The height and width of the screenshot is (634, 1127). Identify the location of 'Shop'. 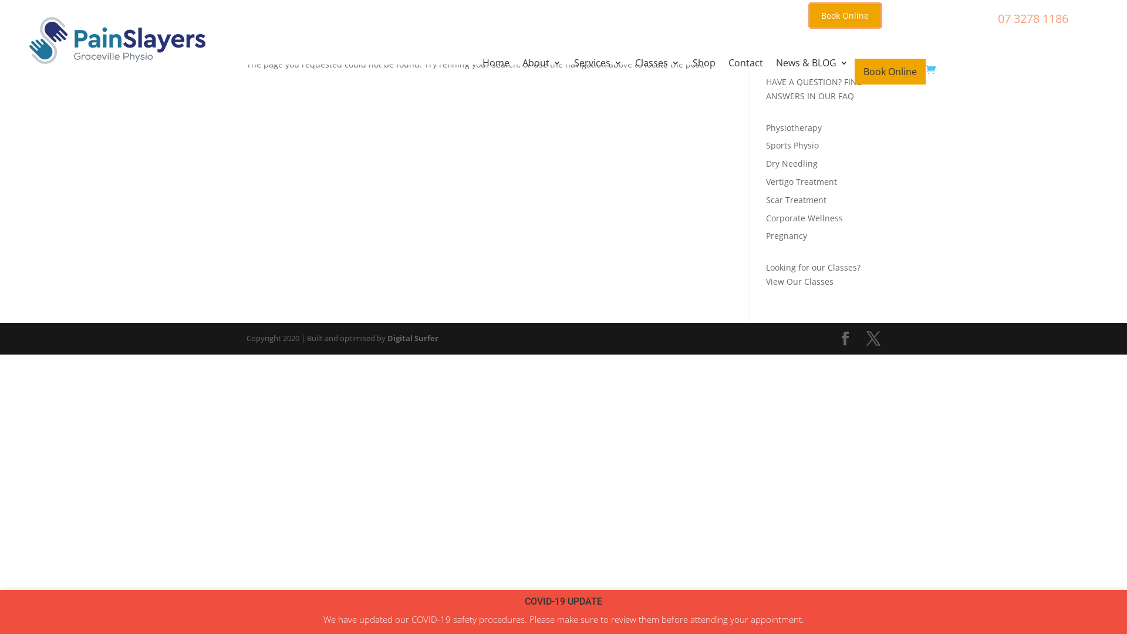
(704, 72).